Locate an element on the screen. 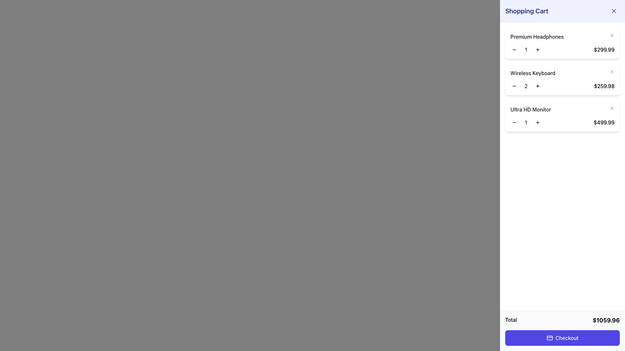 The image size is (625, 351). the button icon located to the right of the quantity indicator for 'Premium Headphones' in the shopping cart to increase the item quantity is located at coordinates (537, 49).